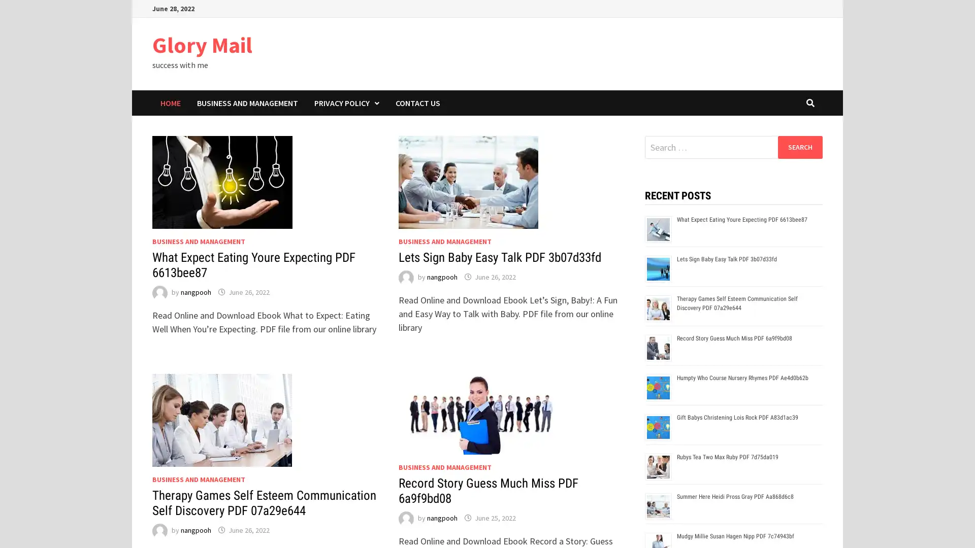  I want to click on Search, so click(799, 147).